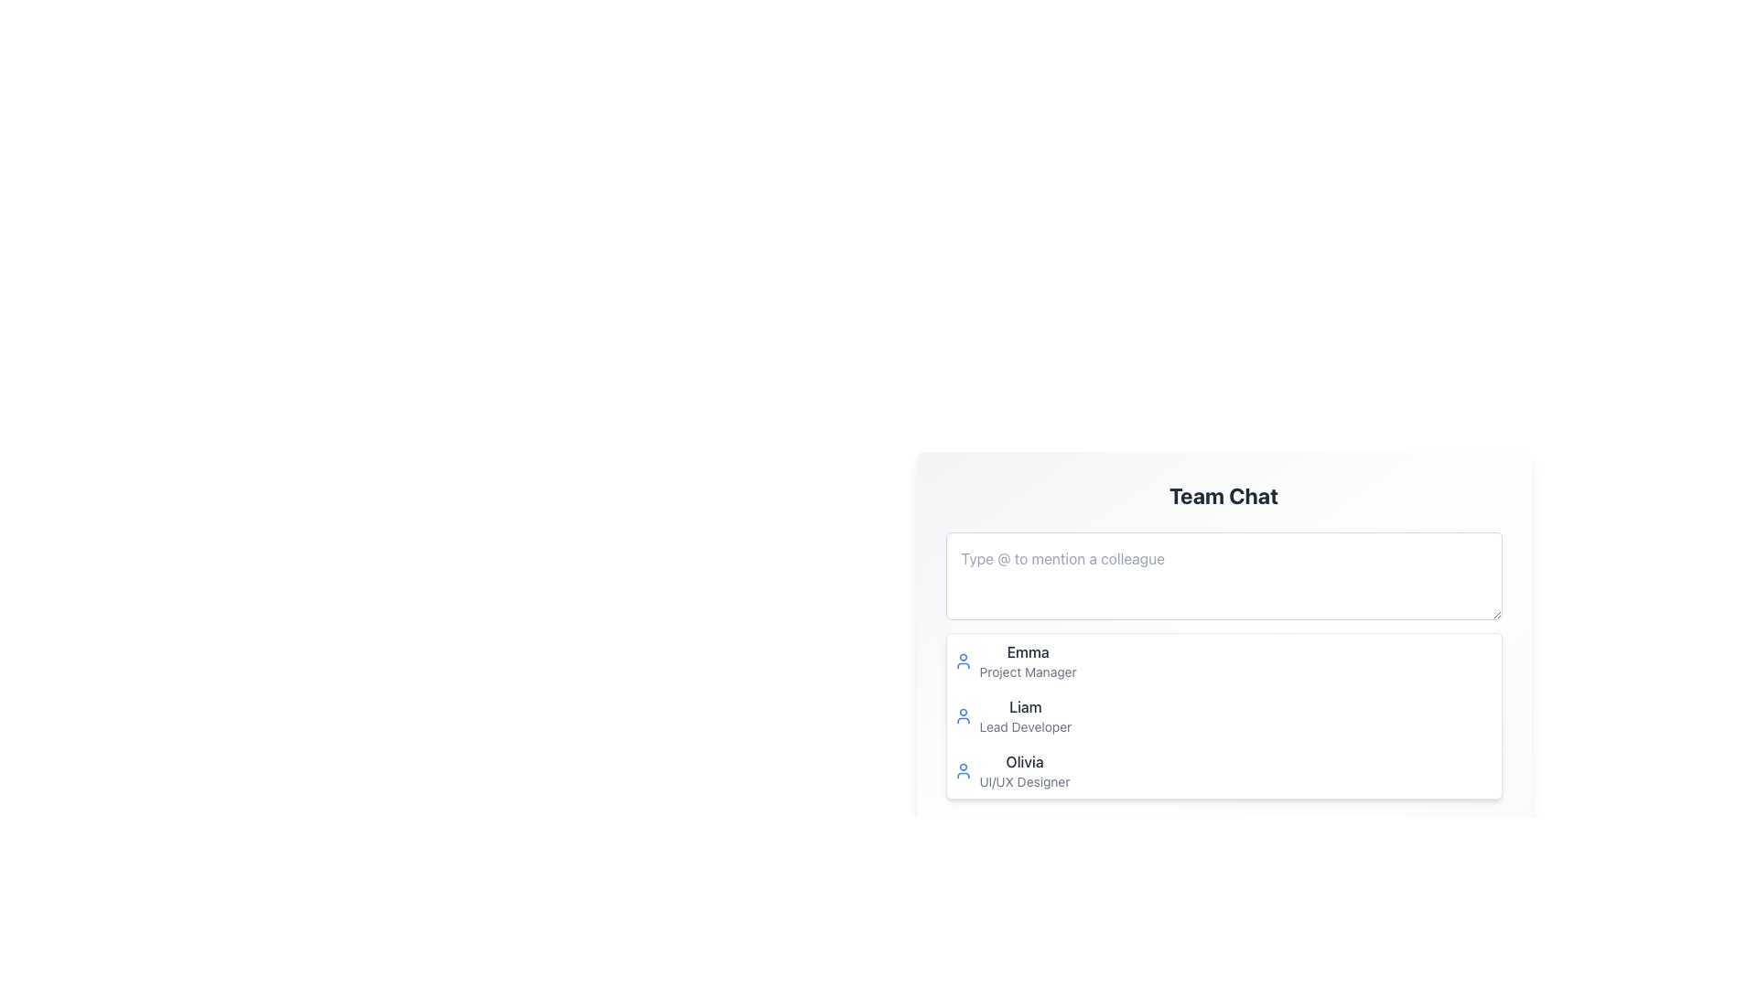 The width and height of the screenshot is (1757, 988). Describe the element at coordinates (962, 771) in the screenshot. I see `the blue user profile icon located to the left of 'Olivia UI/UX Designer' to invoke an action related to Olivia's profile` at that location.